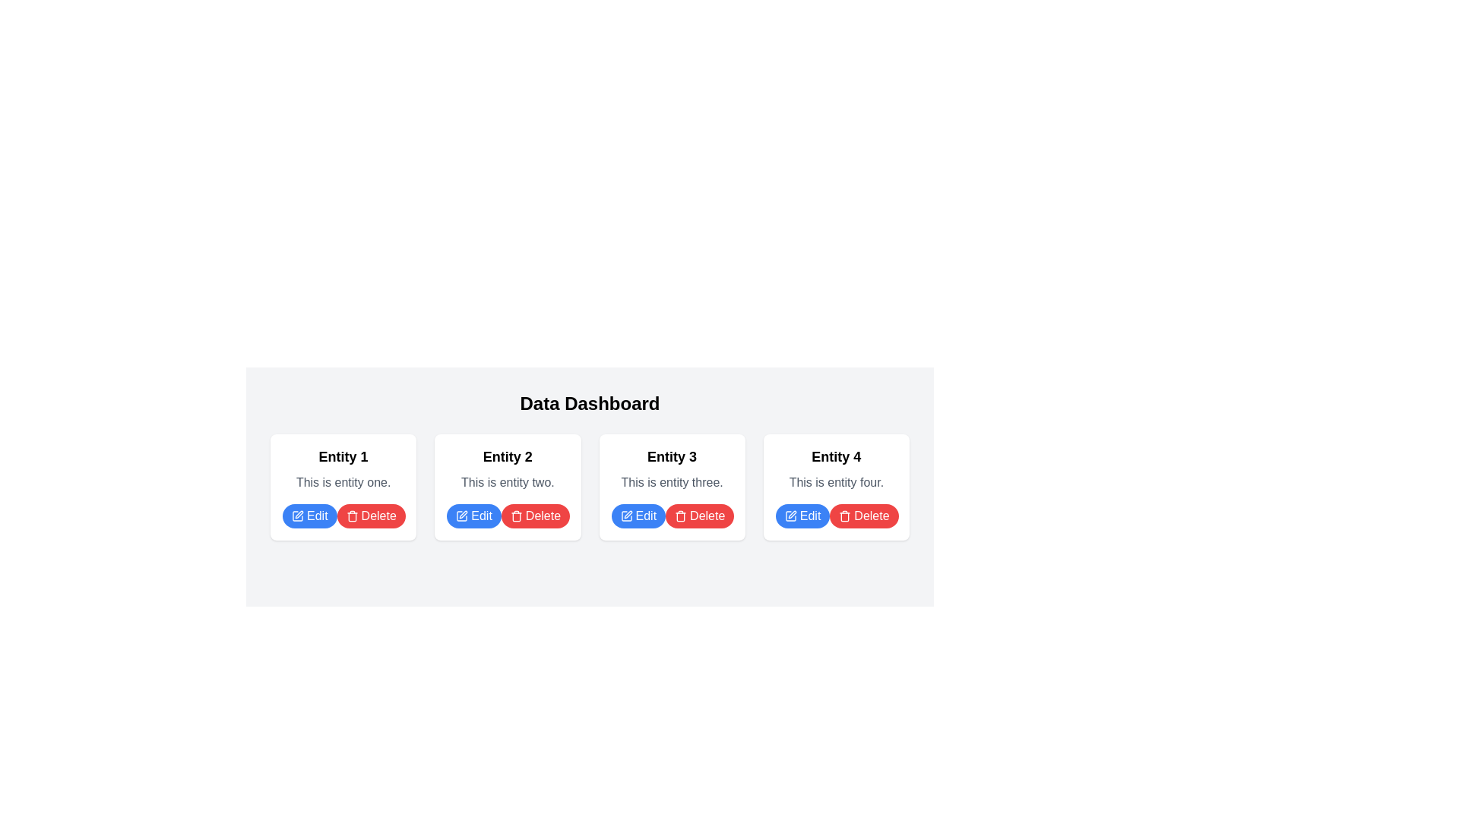 The height and width of the screenshot is (820, 1459). What do you see at coordinates (835, 483) in the screenshot?
I see `the text label providing information about 'Entity 4' located in the card beneath the title 'Entity 4' and above the action buttons 'Edit' and 'Delete'` at bounding box center [835, 483].